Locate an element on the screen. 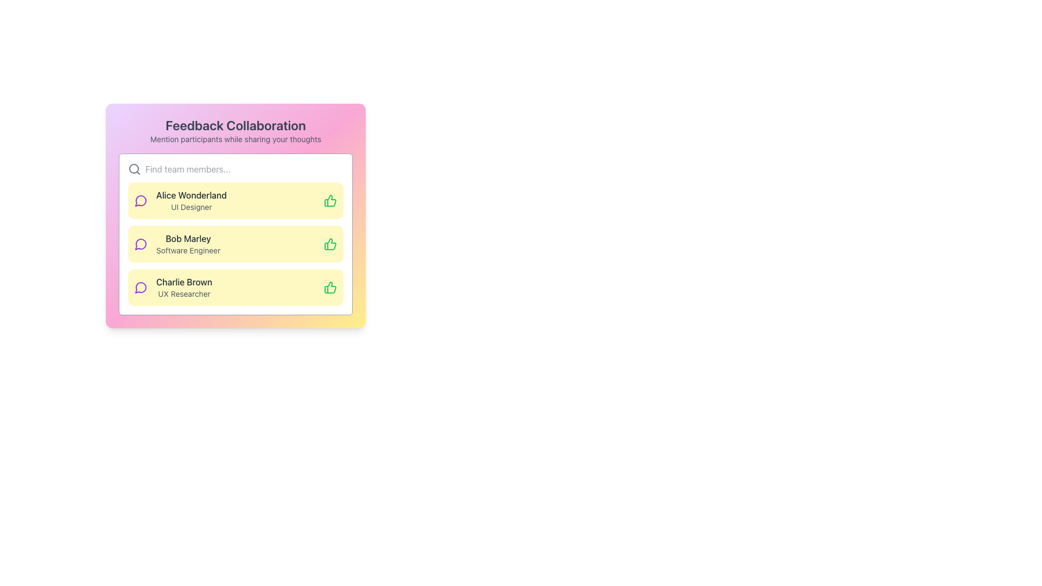 The width and height of the screenshot is (1042, 586). text label 'Bob Marley' which is styled in medium-sized, bold, gray typography and located in the second item of a vertical list within a card-like interface is located at coordinates (188, 238).